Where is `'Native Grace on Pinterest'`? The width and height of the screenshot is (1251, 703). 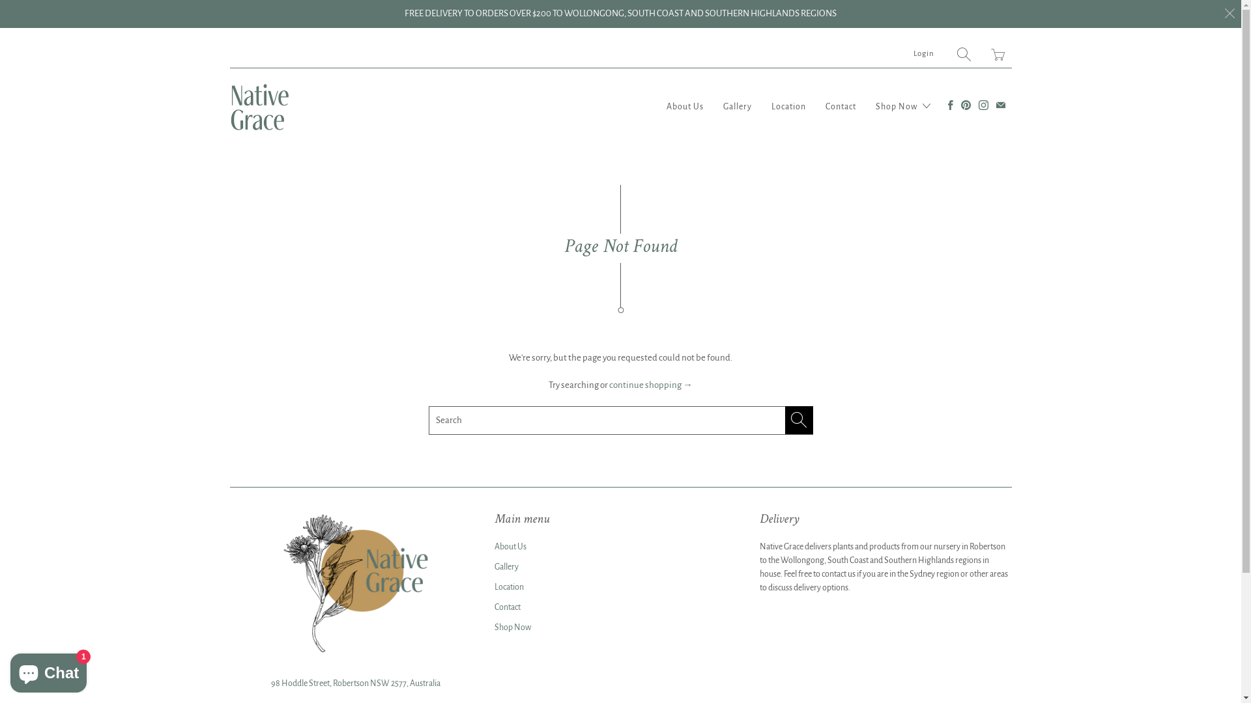 'Native Grace on Pinterest' is located at coordinates (965, 104).